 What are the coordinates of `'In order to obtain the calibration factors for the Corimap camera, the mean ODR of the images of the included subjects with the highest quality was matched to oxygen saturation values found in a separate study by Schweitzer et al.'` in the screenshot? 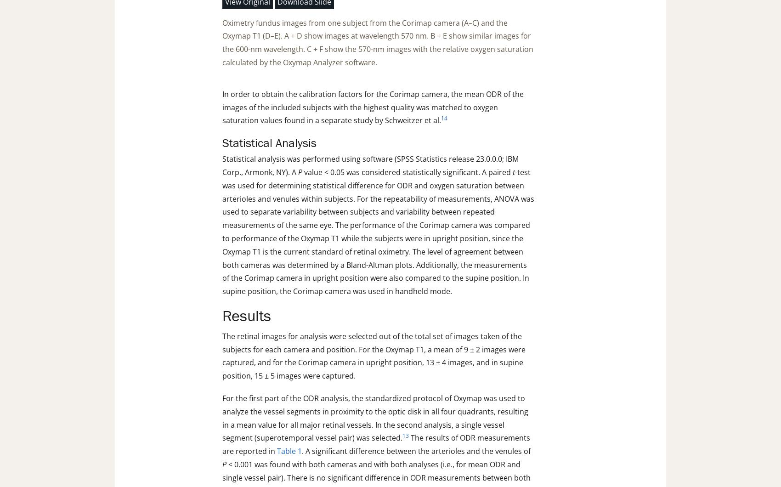 It's located at (372, 106).